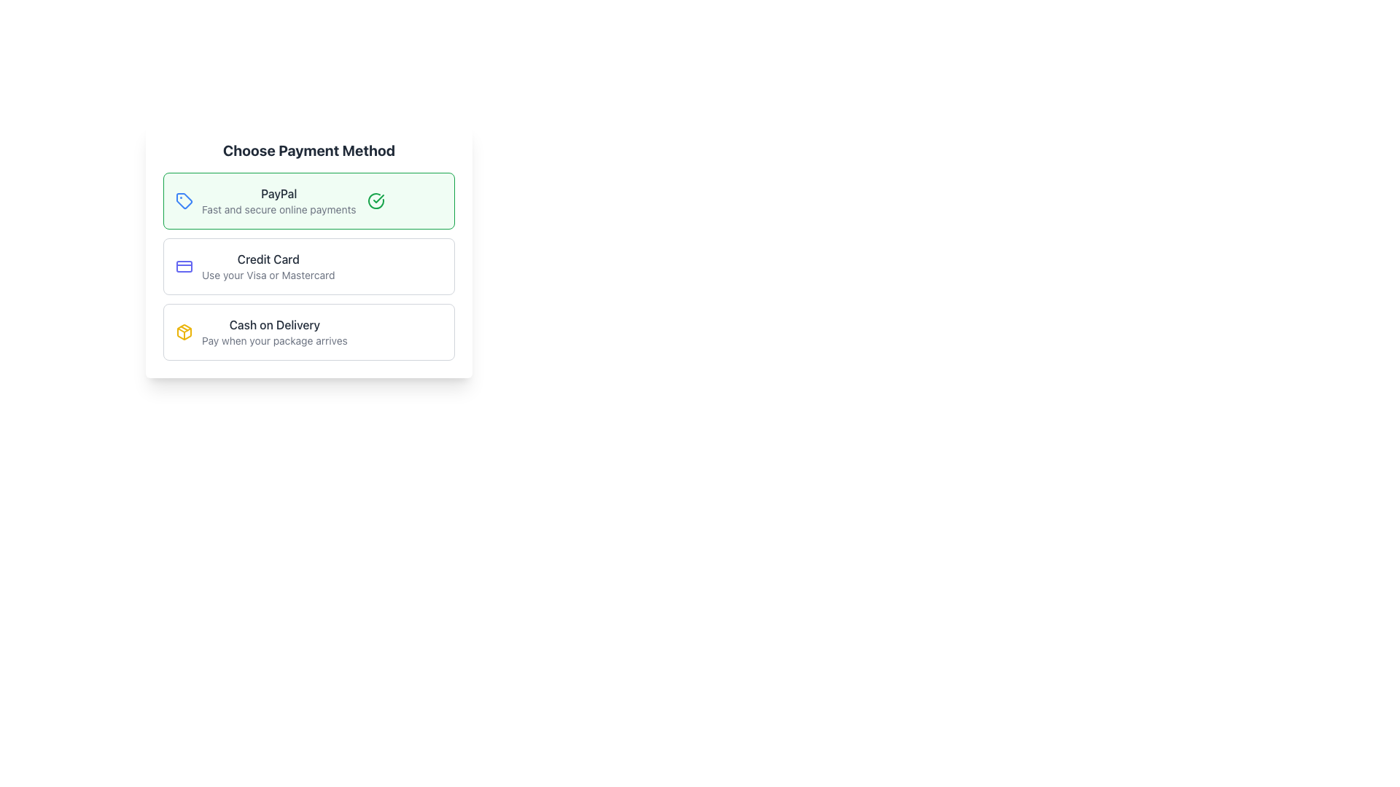 The image size is (1400, 787). Describe the element at coordinates (184, 330) in the screenshot. I see `the triangular decorative graphic component within the 'Cash on Delivery' icon, which is styled in orange-yellow and located in the third payment option block` at that location.